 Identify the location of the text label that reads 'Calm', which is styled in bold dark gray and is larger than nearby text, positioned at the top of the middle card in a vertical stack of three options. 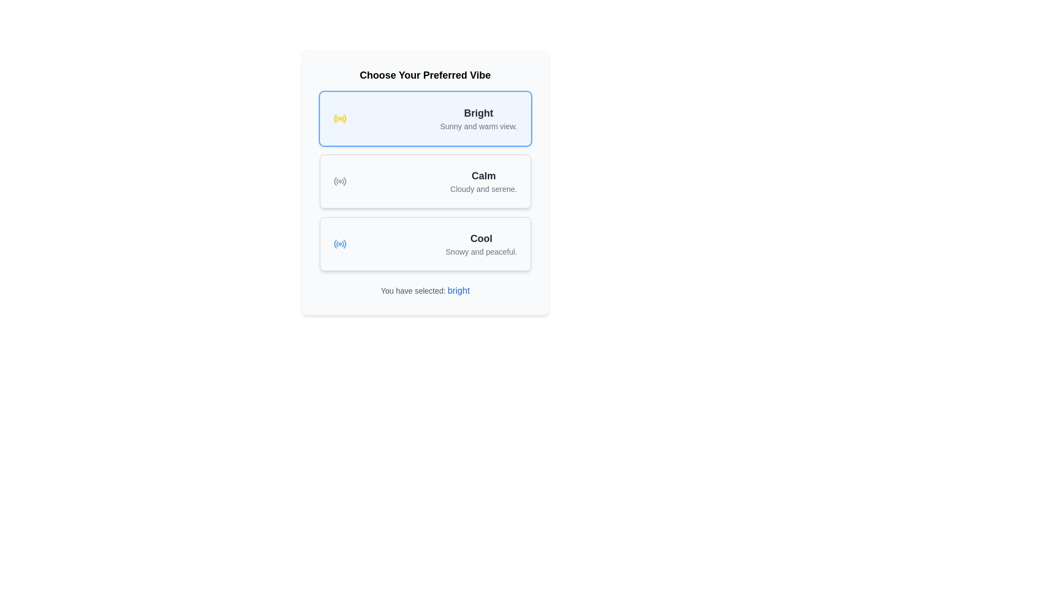
(483, 175).